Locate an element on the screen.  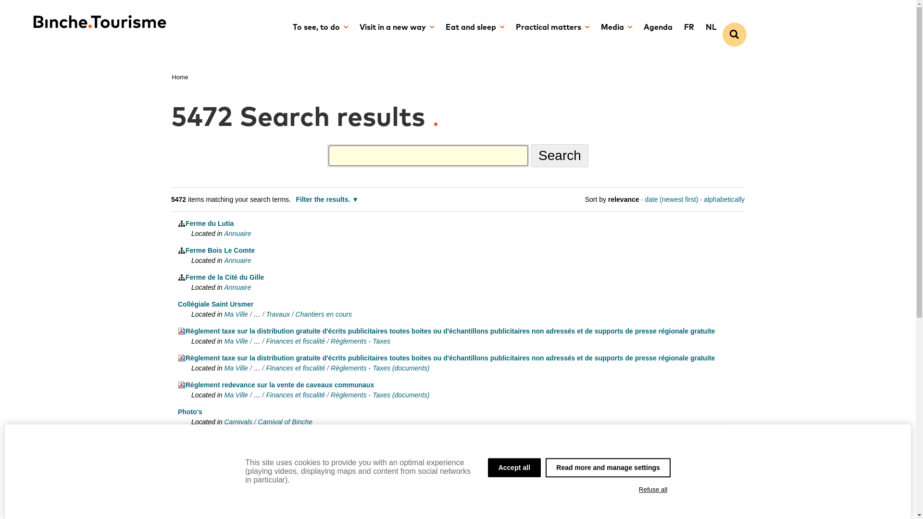
'Filter the results.' is located at coordinates (327, 199).